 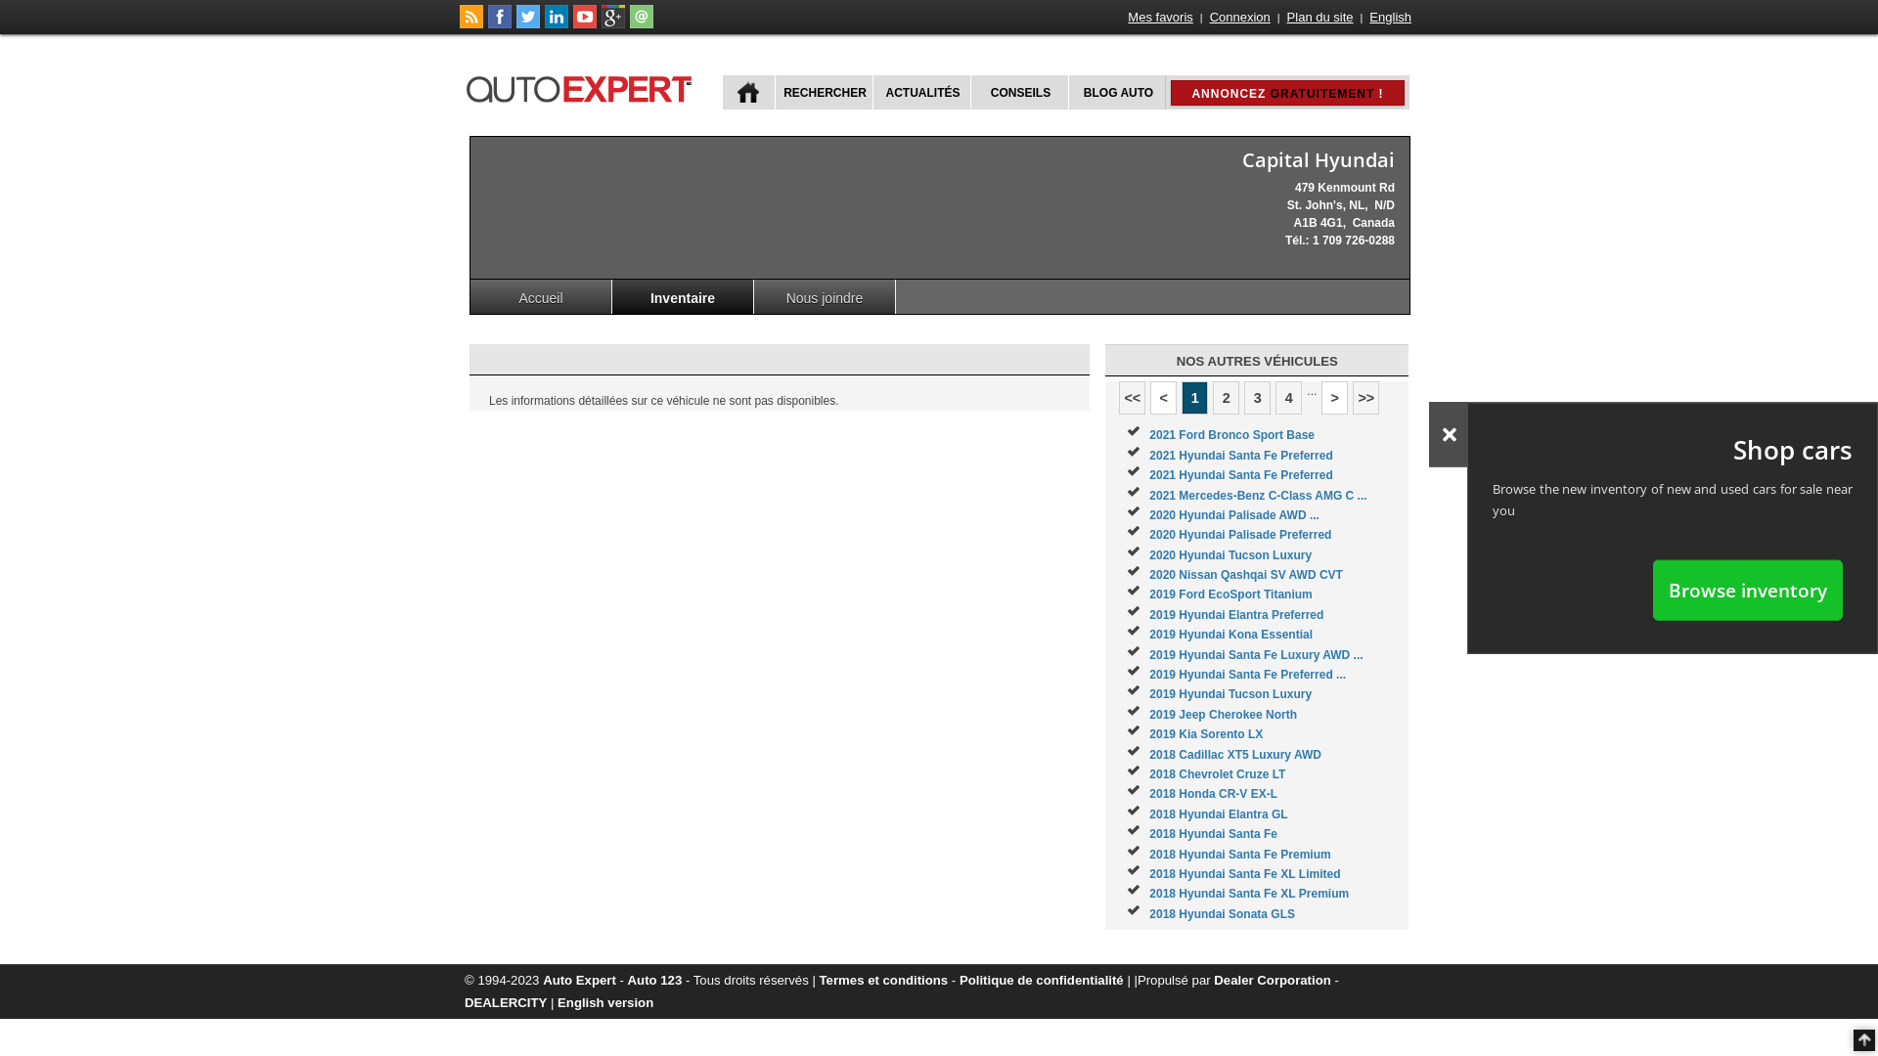 What do you see at coordinates (1239, 475) in the screenshot?
I see `'2021 Hyundai Santa Fe Preferred'` at bounding box center [1239, 475].